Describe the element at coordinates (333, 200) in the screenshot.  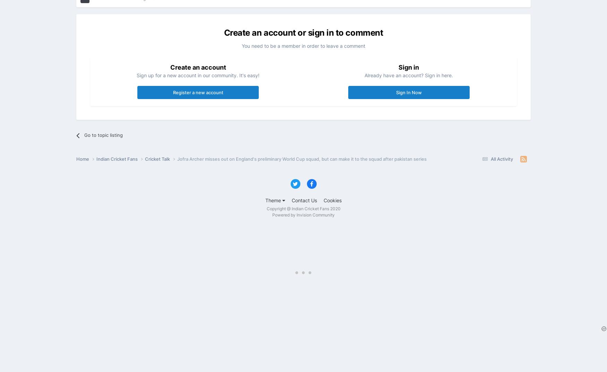
I see `'Cookies'` at that location.